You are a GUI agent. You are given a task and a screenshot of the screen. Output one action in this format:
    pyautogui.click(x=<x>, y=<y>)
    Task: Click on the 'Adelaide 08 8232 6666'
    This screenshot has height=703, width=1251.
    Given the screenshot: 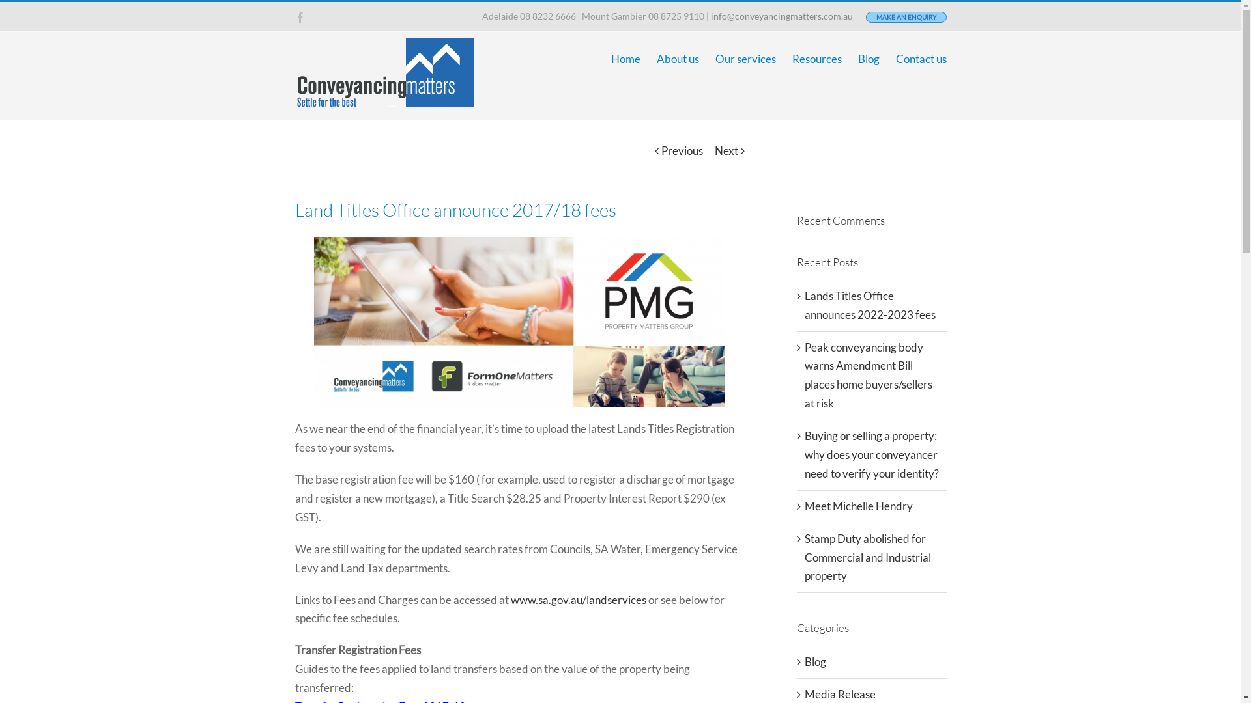 What is the action you would take?
    pyautogui.click(x=481, y=16)
    